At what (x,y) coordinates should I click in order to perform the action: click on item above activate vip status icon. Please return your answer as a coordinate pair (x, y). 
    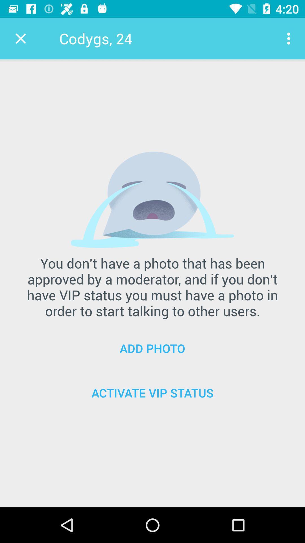
    Looking at the image, I should click on (152, 348).